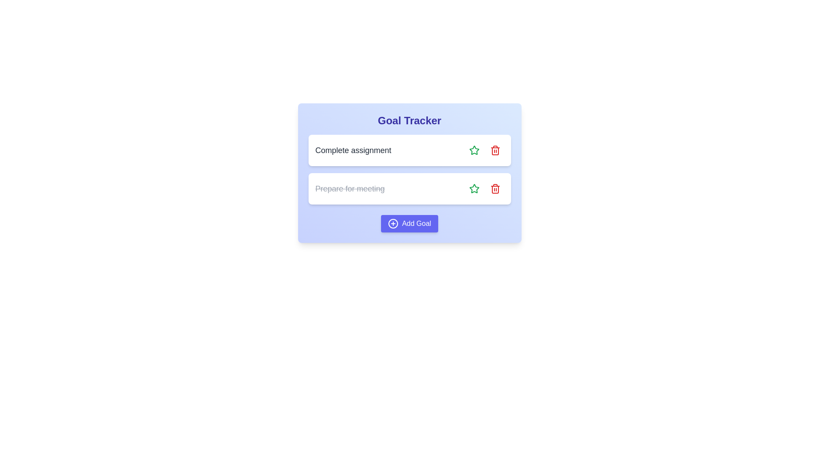  Describe the element at coordinates (474, 188) in the screenshot. I see `the green star icon located` at that location.